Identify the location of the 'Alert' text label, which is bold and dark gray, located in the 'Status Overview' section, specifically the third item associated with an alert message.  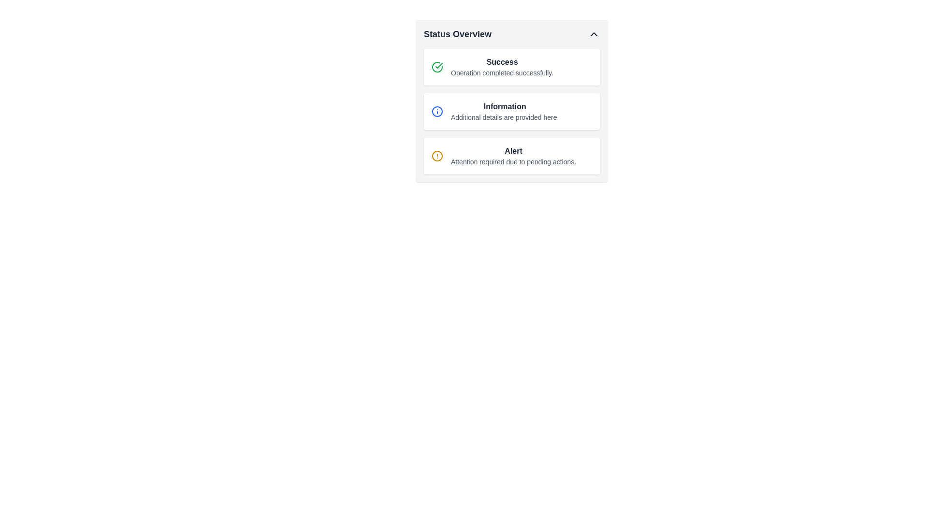
(513, 151).